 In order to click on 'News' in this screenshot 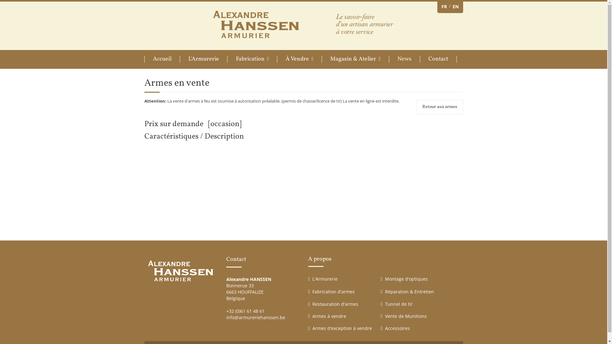, I will do `click(404, 59)`.